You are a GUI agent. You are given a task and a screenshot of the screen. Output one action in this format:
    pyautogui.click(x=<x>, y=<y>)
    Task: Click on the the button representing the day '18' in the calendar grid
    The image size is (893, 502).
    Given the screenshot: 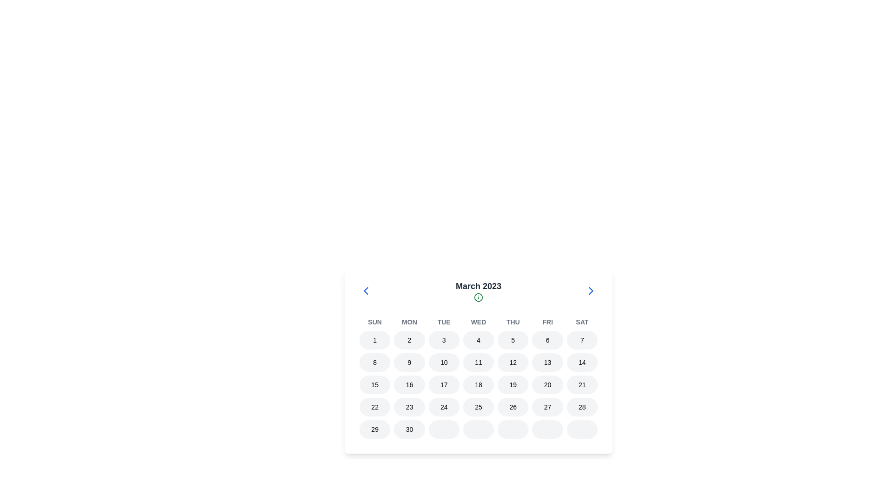 What is the action you would take?
    pyautogui.click(x=478, y=385)
    